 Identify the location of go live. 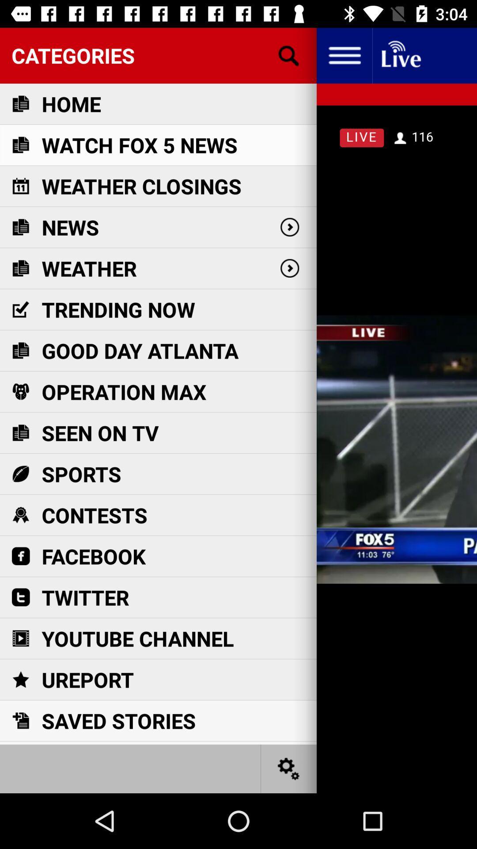
(400, 55).